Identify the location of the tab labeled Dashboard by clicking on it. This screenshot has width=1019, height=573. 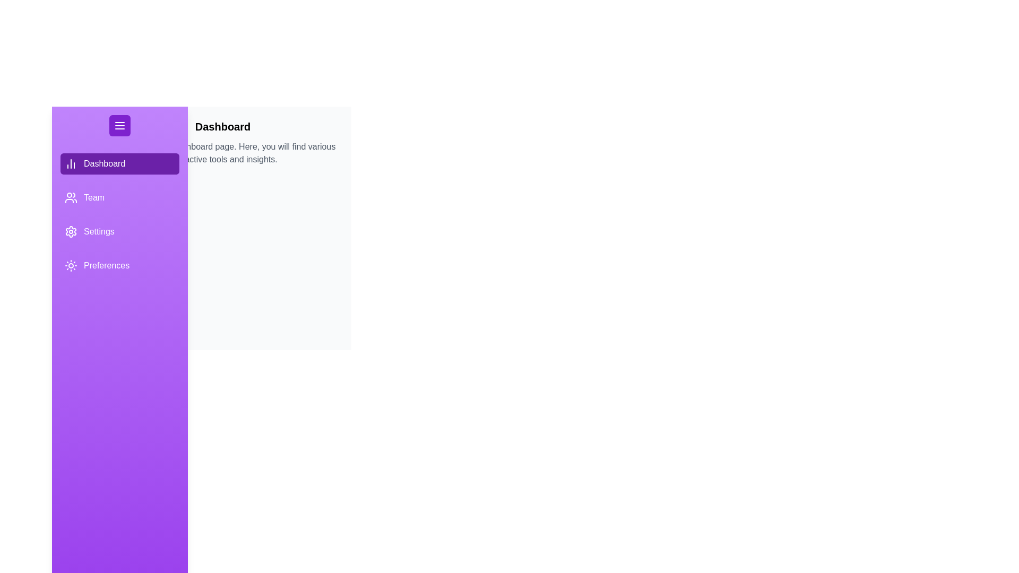
(119, 163).